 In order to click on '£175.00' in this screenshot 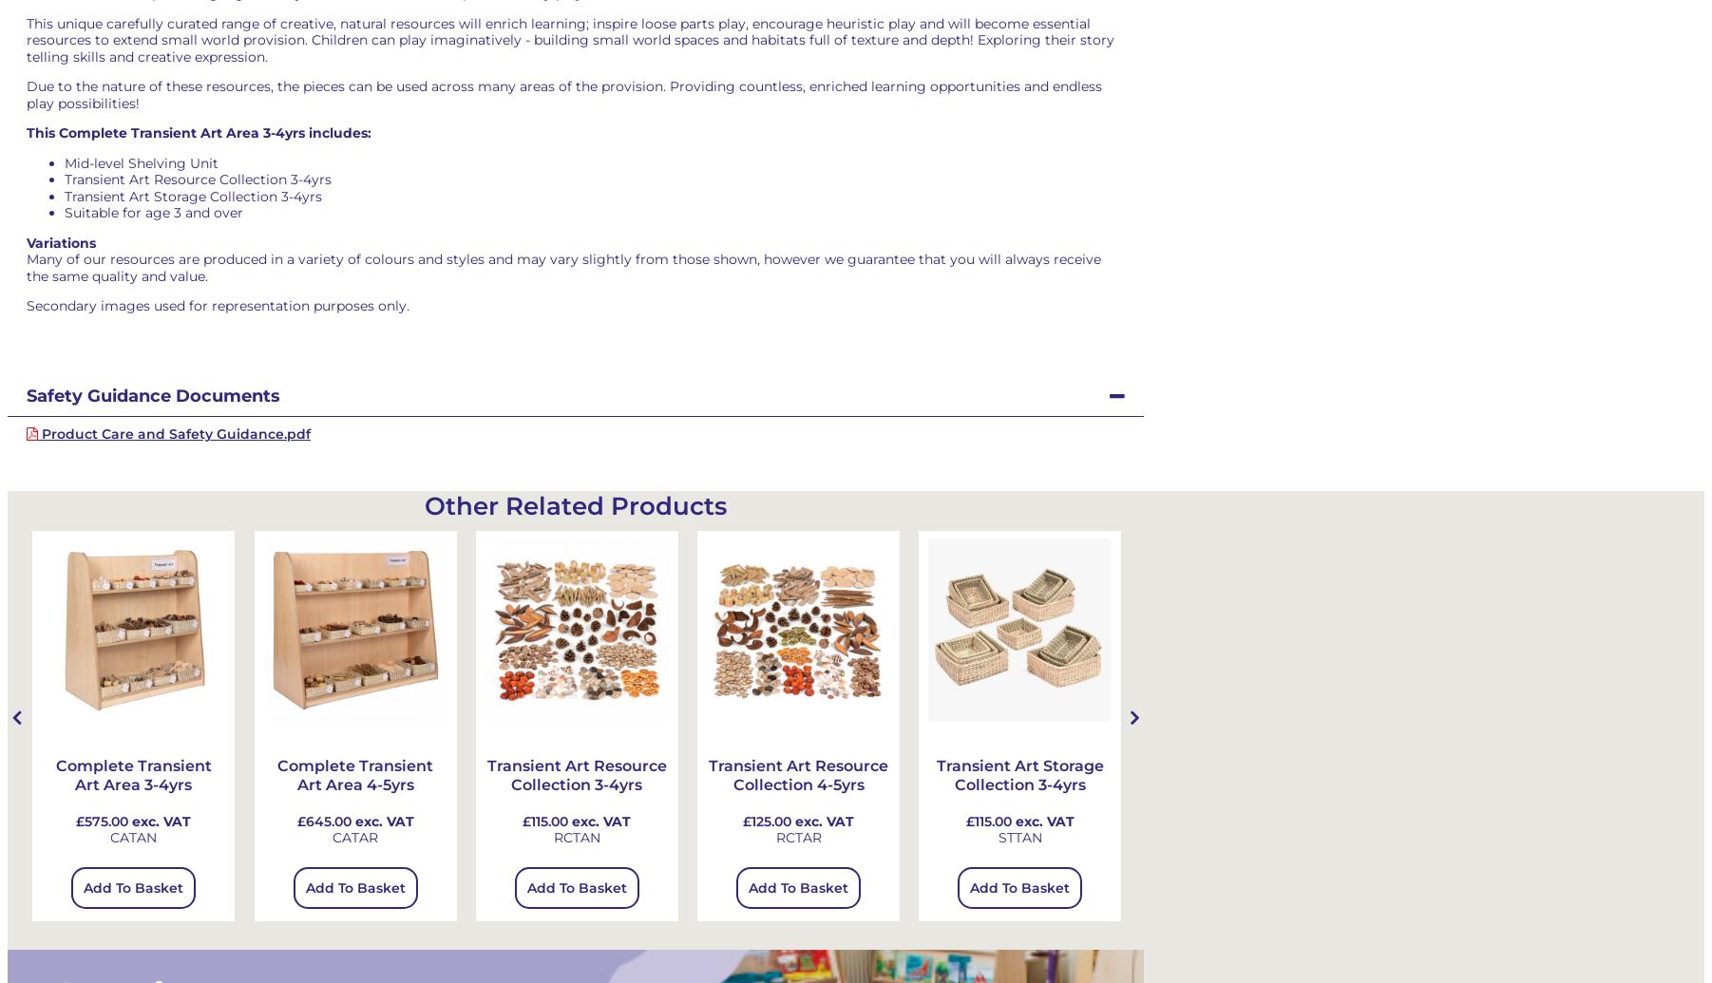, I will do `click(1431, 820)`.